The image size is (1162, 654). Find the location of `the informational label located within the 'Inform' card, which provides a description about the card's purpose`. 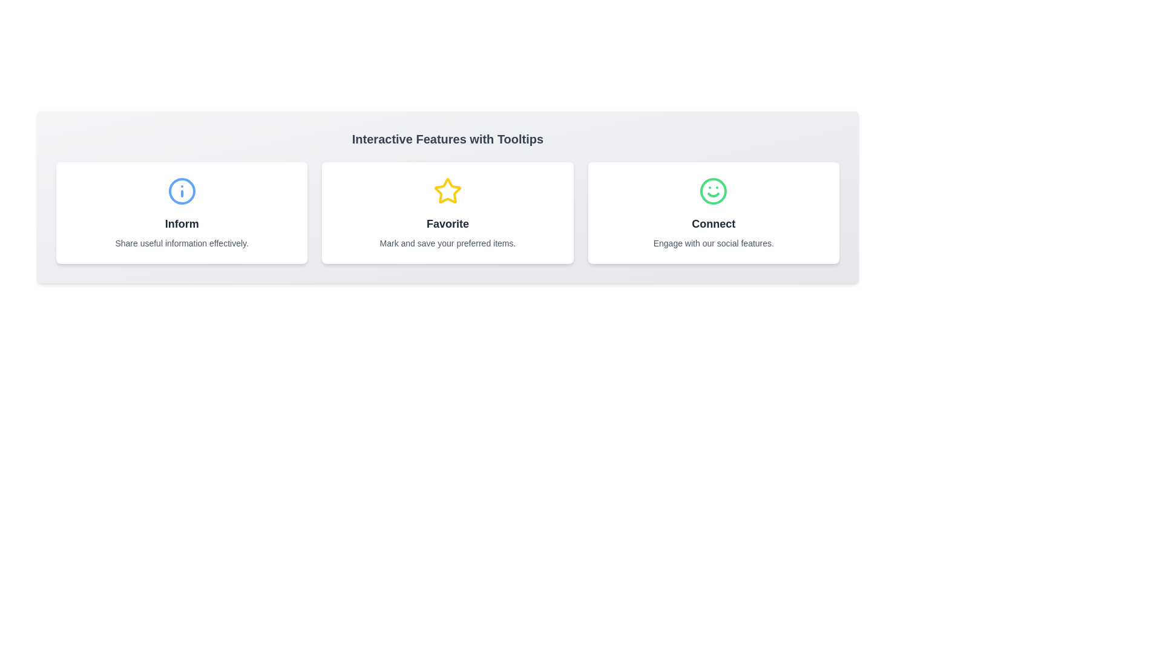

the informational label located within the 'Inform' card, which provides a description about the card's purpose is located at coordinates (181, 243).